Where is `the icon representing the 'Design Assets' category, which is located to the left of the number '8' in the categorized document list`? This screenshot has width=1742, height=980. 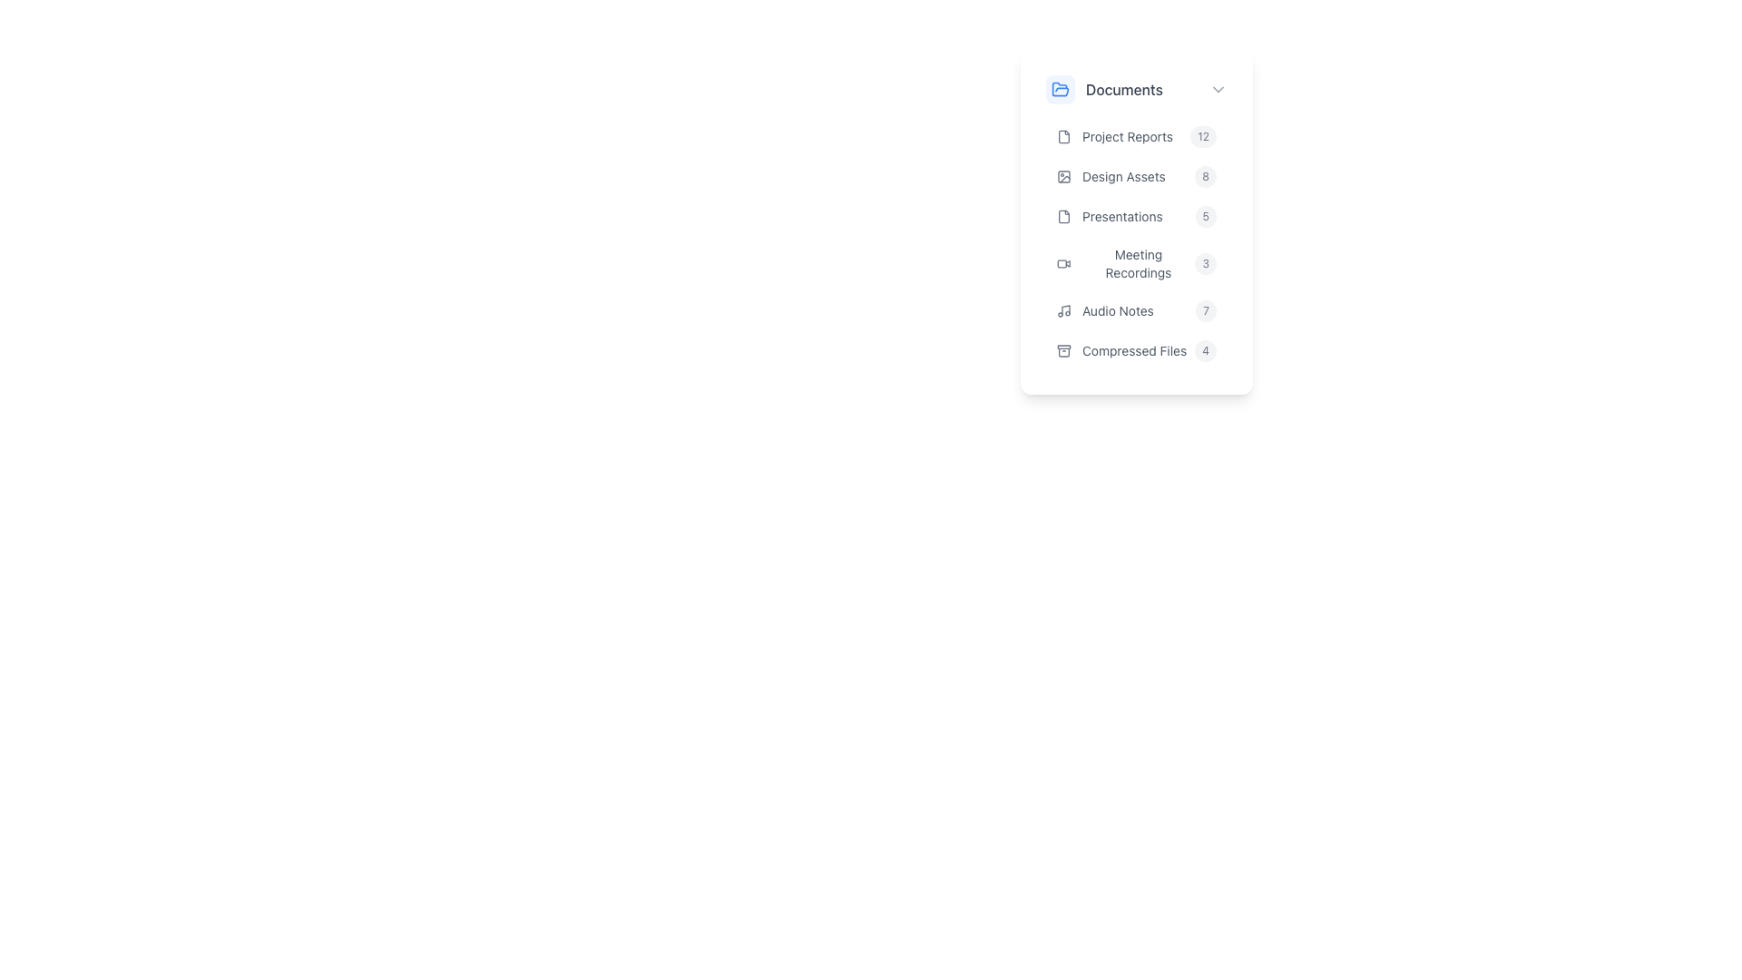
the icon representing the 'Design Assets' category, which is located to the left of the number '8' in the categorized document list is located at coordinates (1063, 177).